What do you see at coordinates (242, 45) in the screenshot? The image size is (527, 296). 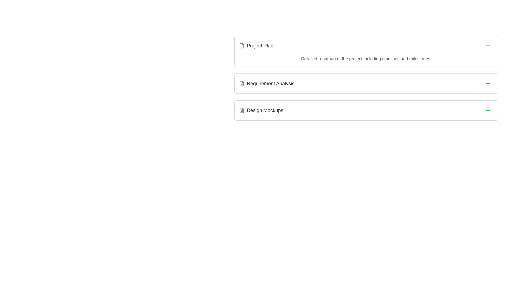 I see `the graphical icon representing a document or file, which is the first icon in the grouped icon set above the 'Requirement Analysis' section` at bounding box center [242, 45].